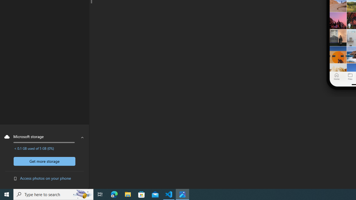 Image resolution: width=356 pixels, height=200 pixels. Describe the element at coordinates (45, 178) in the screenshot. I see `'Access photos on your phone'` at that location.